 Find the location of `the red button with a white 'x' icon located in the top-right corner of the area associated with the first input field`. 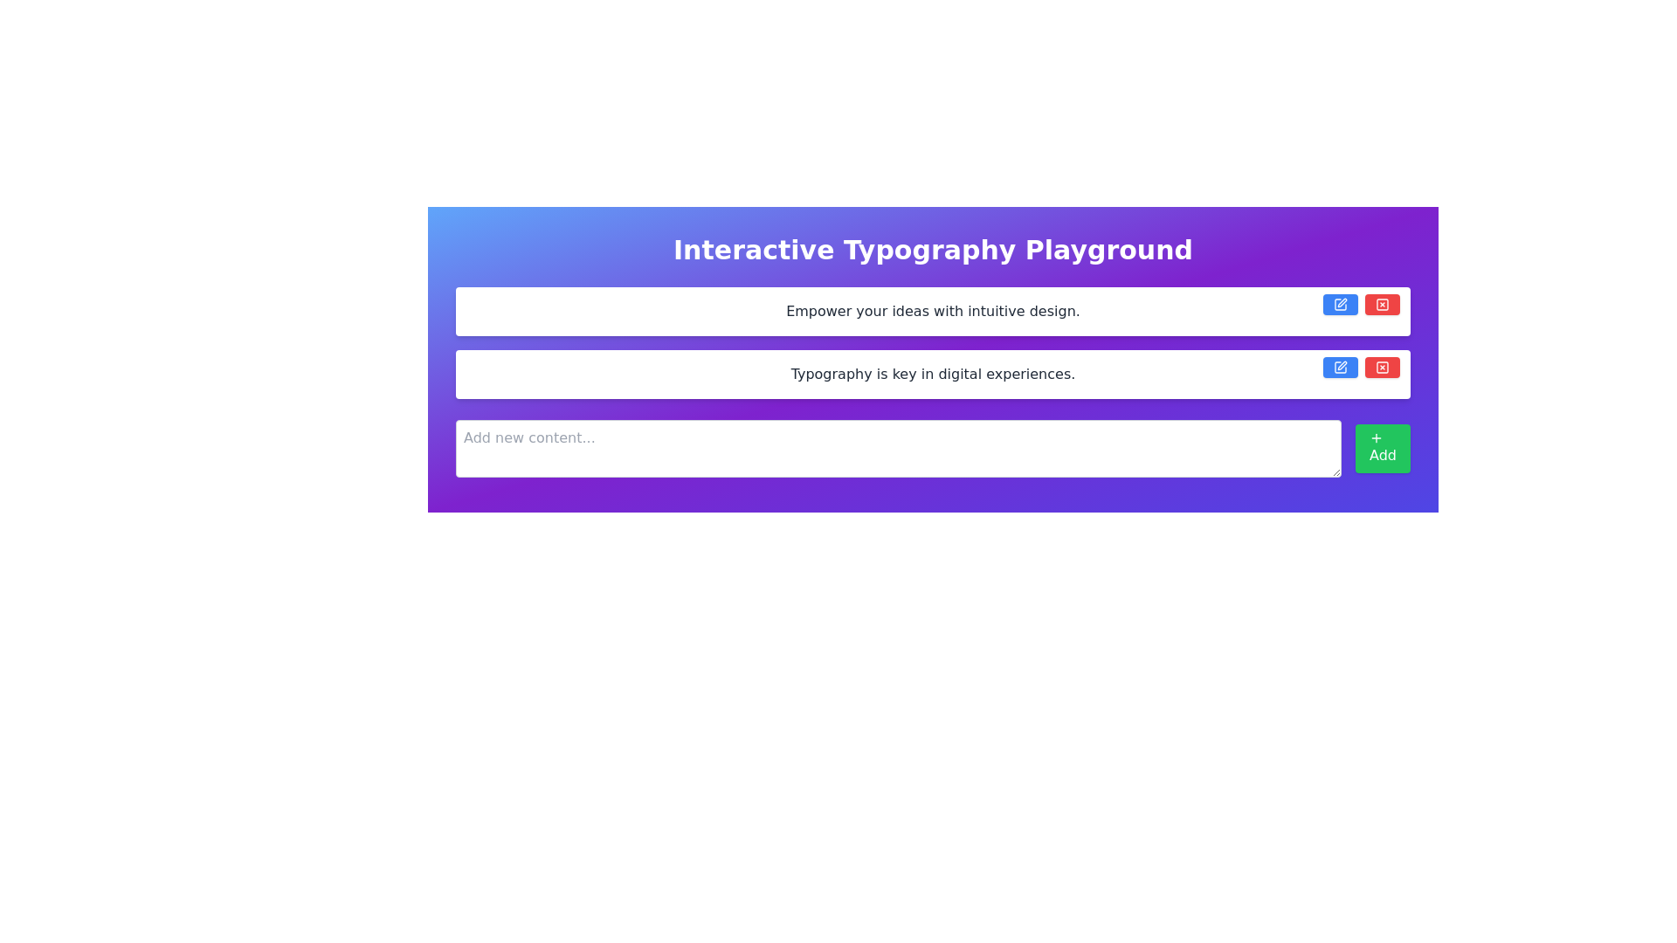

the red button with a white 'x' icon located in the top-right corner of the area associated with the first input field is located at coordinates (1382, 303).